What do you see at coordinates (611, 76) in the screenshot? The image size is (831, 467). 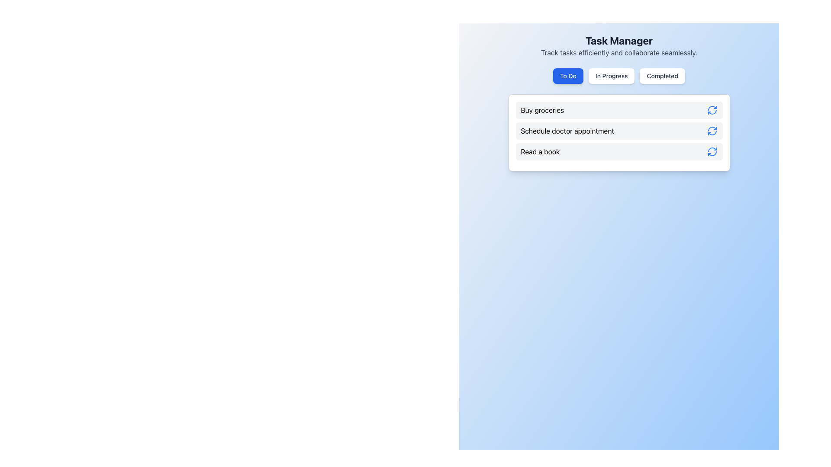 I see `the 'In Progress' button, which is a rectangular button with a white background and rounded corners, located between the 'To Do' and 'Completed' buttons` at bounding box center [611, 76].